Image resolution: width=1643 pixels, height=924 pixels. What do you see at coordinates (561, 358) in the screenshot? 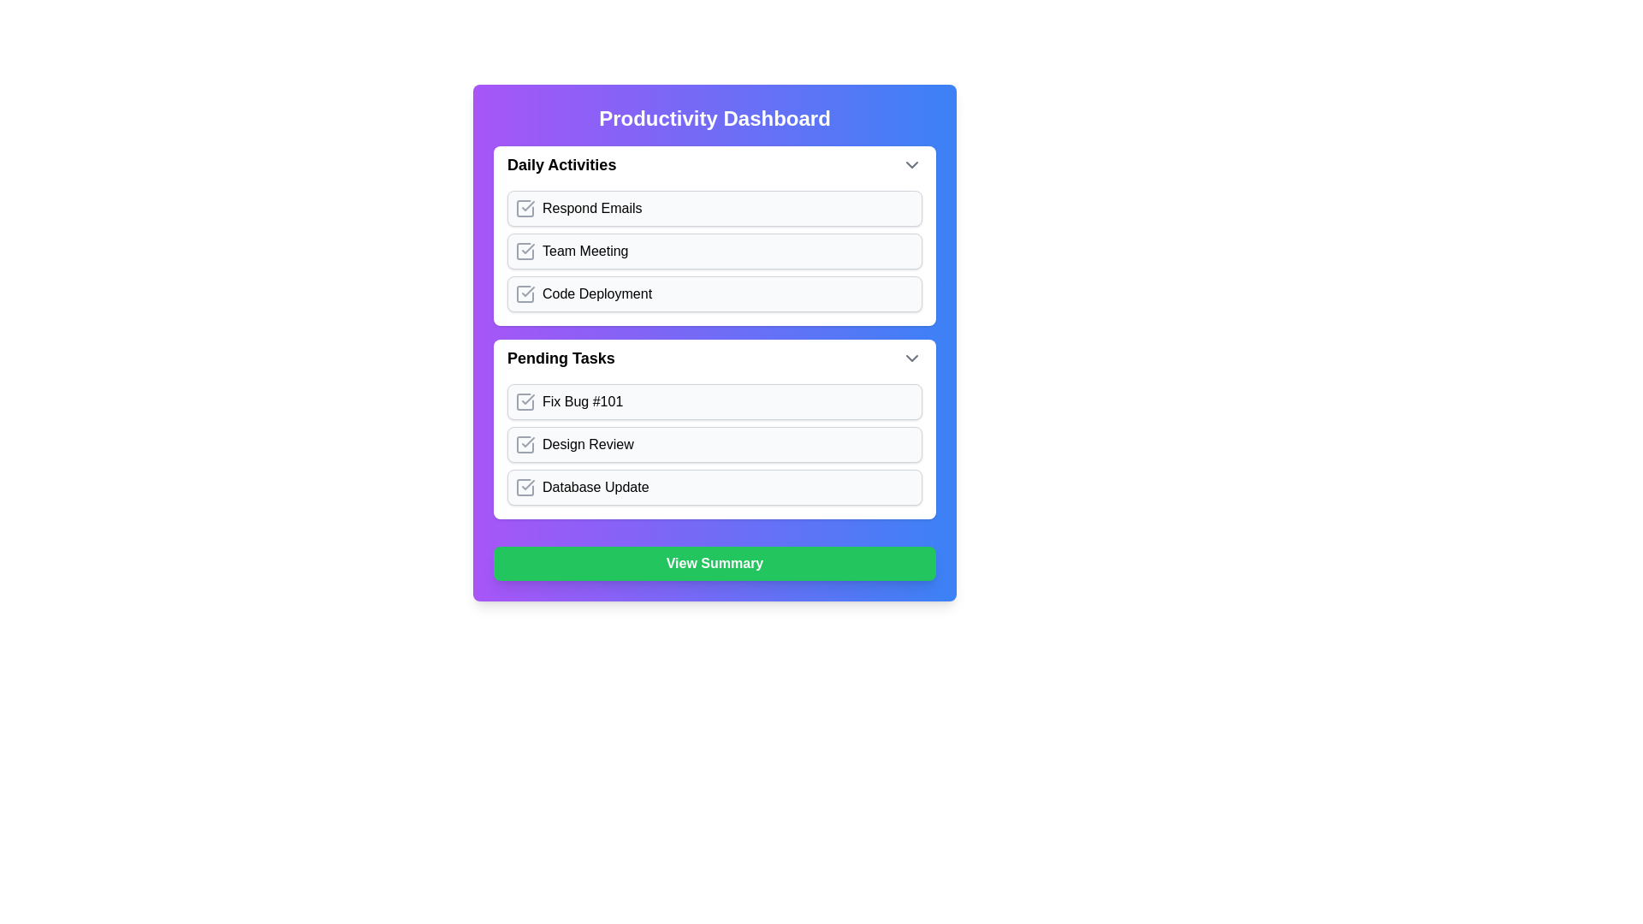
I see `the text label displaying 'Pending Tasks', which is styled with a larger font size and bold weight, positioned near the top-left corner of its section` at bounding box center [561, 358].